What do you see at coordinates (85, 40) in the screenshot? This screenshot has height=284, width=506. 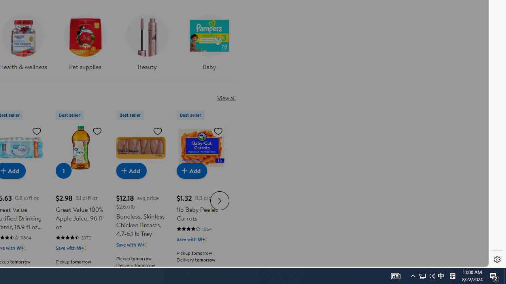 I see `'Pet supplies'` at bounding box center [85, 40].